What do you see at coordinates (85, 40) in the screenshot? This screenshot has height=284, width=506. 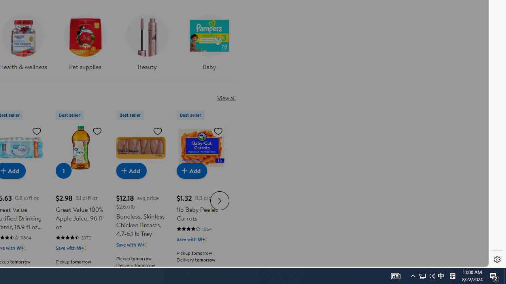 I see `'Pet supplies'` at bounding box center [85, 40].